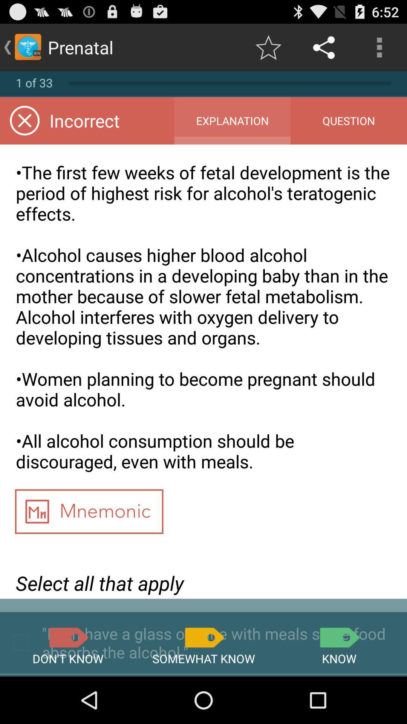 The image size is (407, 724). Describe the element at coordinates (232, 121) in the screenshot. I see `the app to the right of the incorrect app` at that location.